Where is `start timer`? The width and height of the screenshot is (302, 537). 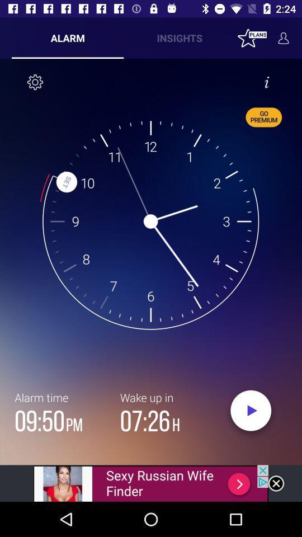 start timer is located at coordinates (251, 413).